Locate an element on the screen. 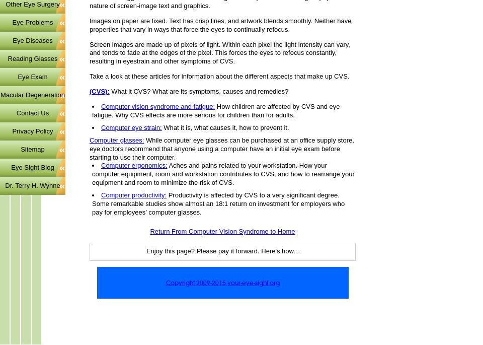  'Contact Us' is located at coordinates (32, 112).